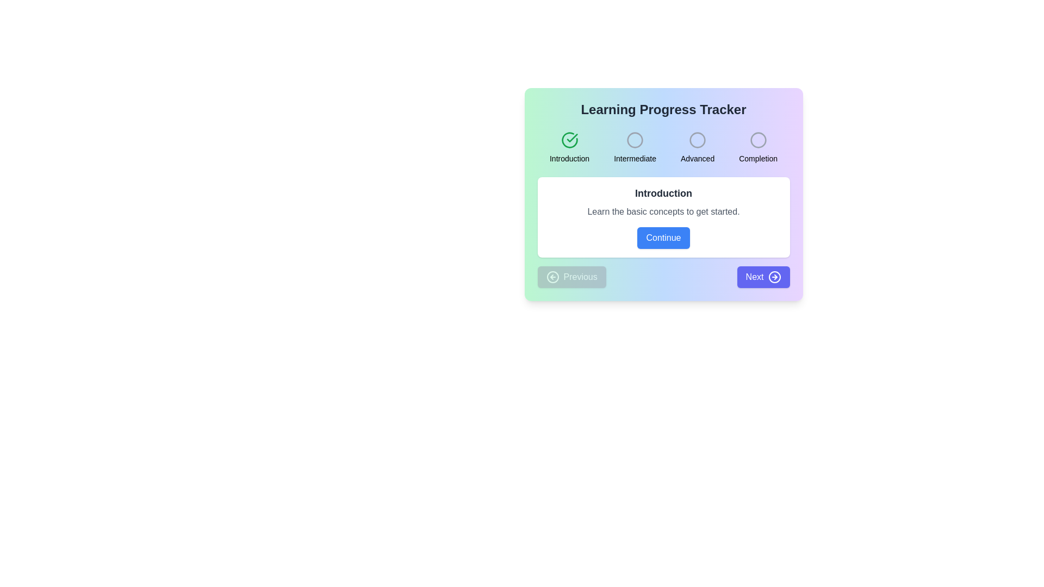  Describe the element at coordinates (663, 217) in the screenshot. I see `the 'Continue' button in the introductory section of the learning progress tracker to proceed to the next stage` at that location.